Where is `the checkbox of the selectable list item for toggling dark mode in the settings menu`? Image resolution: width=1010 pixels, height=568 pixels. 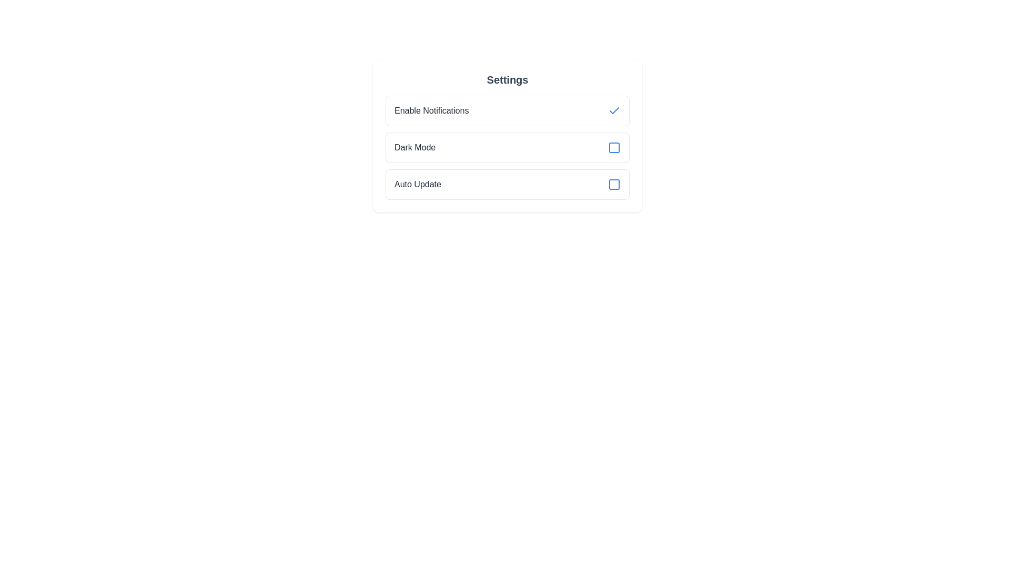
the checkbox of the selectable list item for toggling dark mode in the settings menu is located at coordinates (507, 148).